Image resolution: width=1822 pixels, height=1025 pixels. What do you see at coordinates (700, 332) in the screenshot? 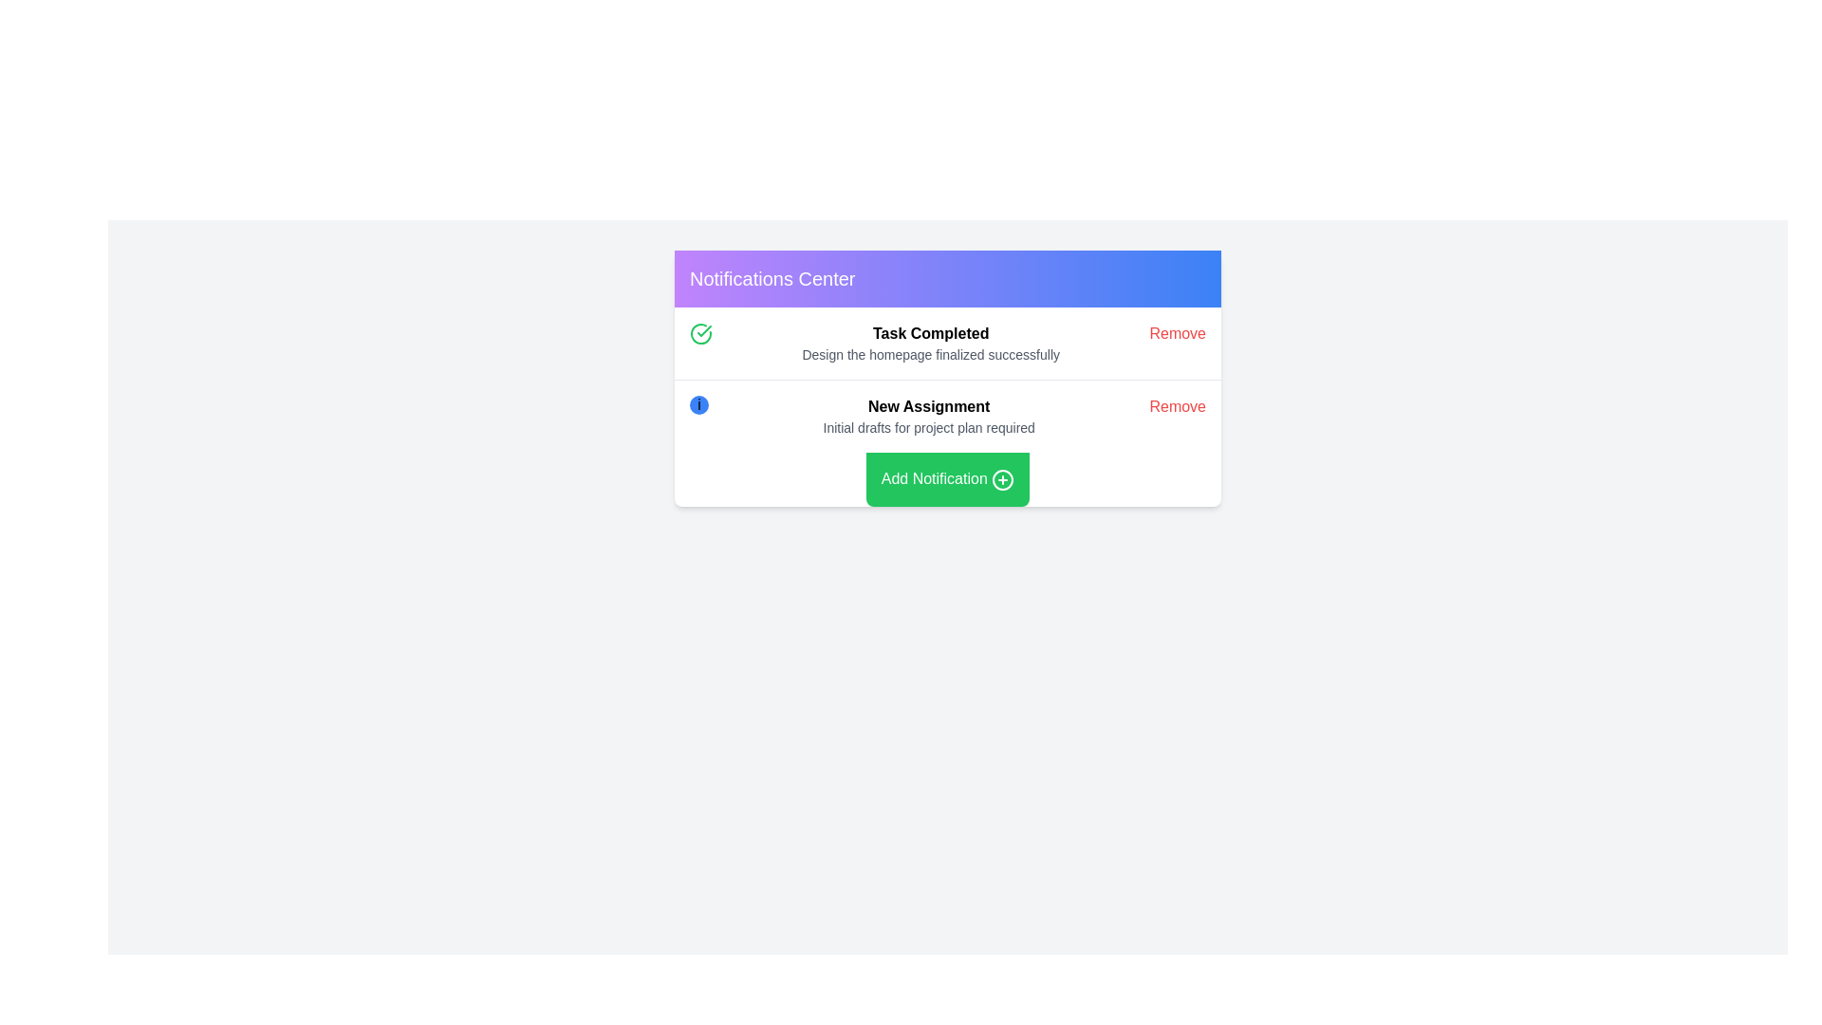
I see `SVG icon indicating a completed task, which is located within the 'Task Completed' notification element, positioned to the far left of the row containing the task details` at bounding box center [700, 332].